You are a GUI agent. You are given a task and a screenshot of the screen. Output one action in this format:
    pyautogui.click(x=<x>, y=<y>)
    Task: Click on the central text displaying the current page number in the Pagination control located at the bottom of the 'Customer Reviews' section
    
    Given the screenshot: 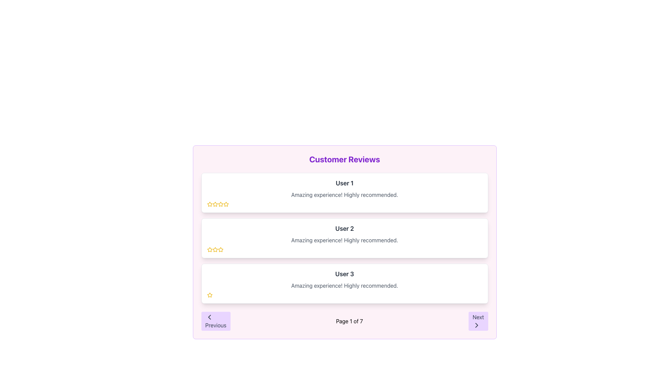 What is the action you would take?
    pyautogui.click(x=344, y=321)
    